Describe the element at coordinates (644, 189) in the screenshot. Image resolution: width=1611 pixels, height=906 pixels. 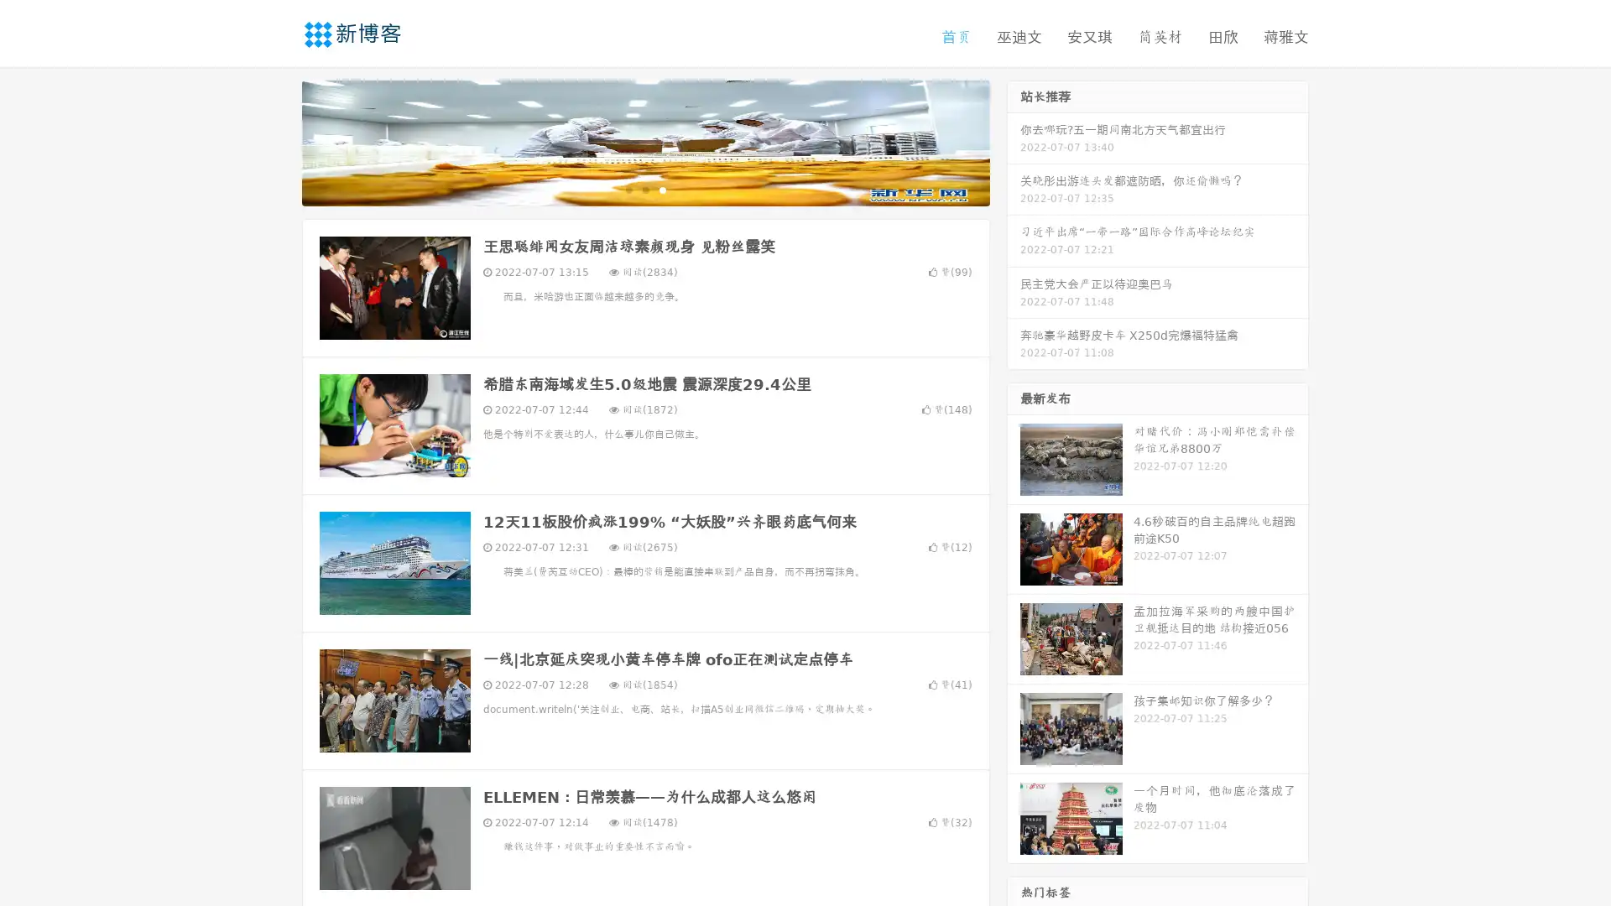
I see `Go to slide 2` at that location.